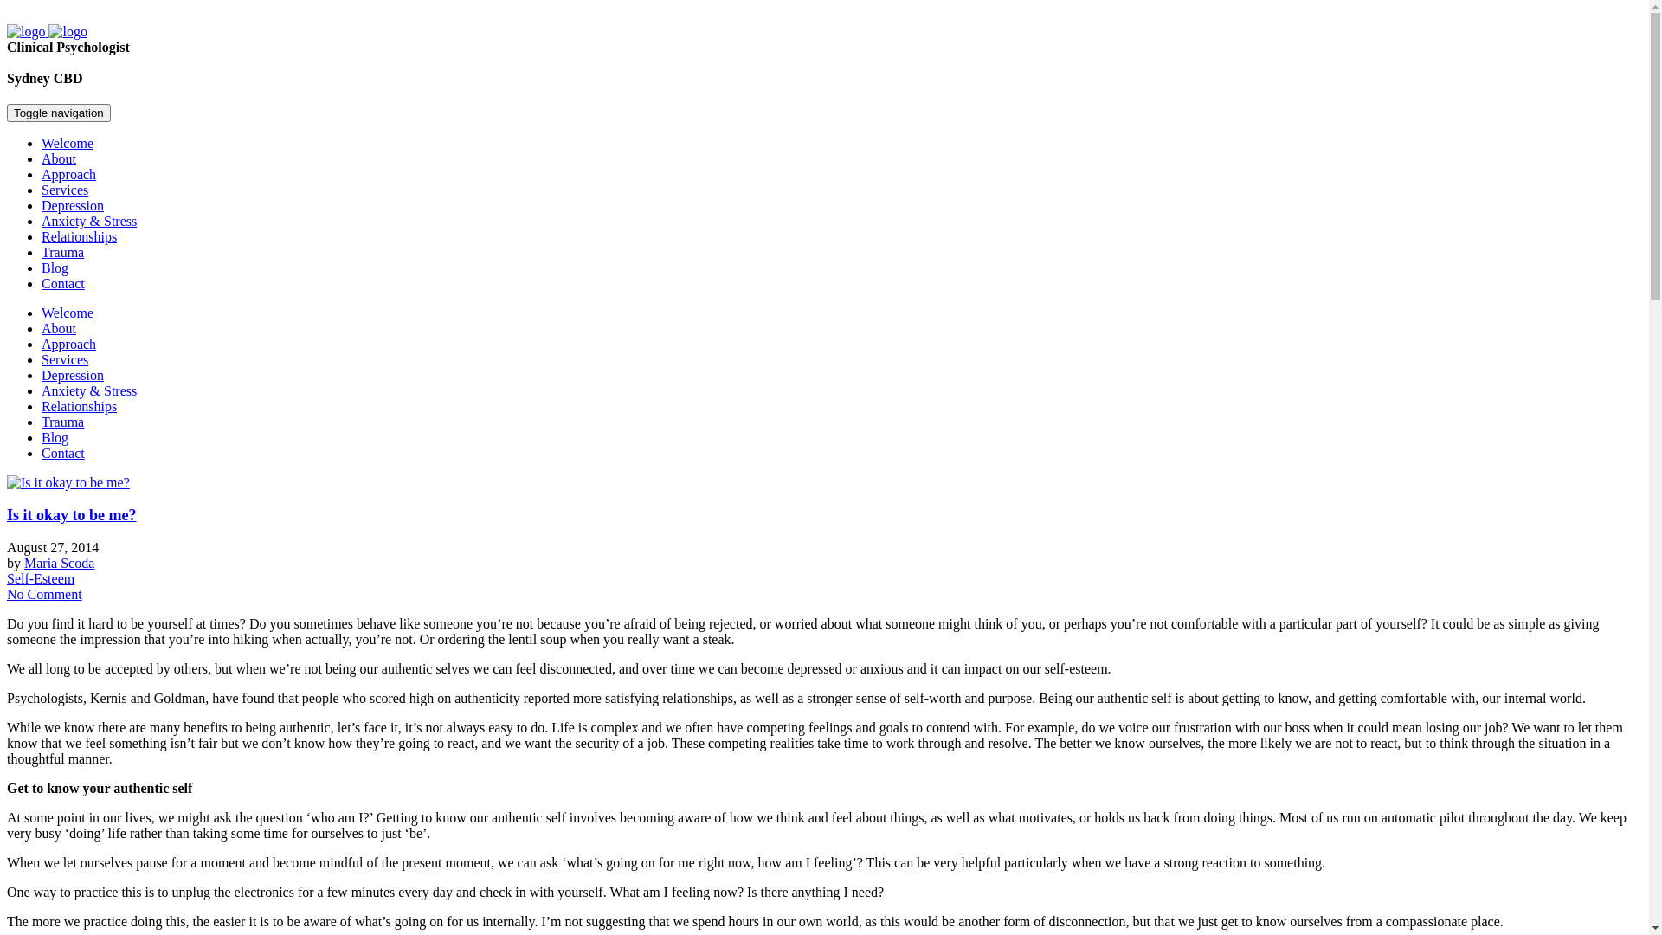 This screenshot has height=935, width=1662. Describe the element at coordinates (42, 204) in the screenshot. I see `'Depression'` at that location.